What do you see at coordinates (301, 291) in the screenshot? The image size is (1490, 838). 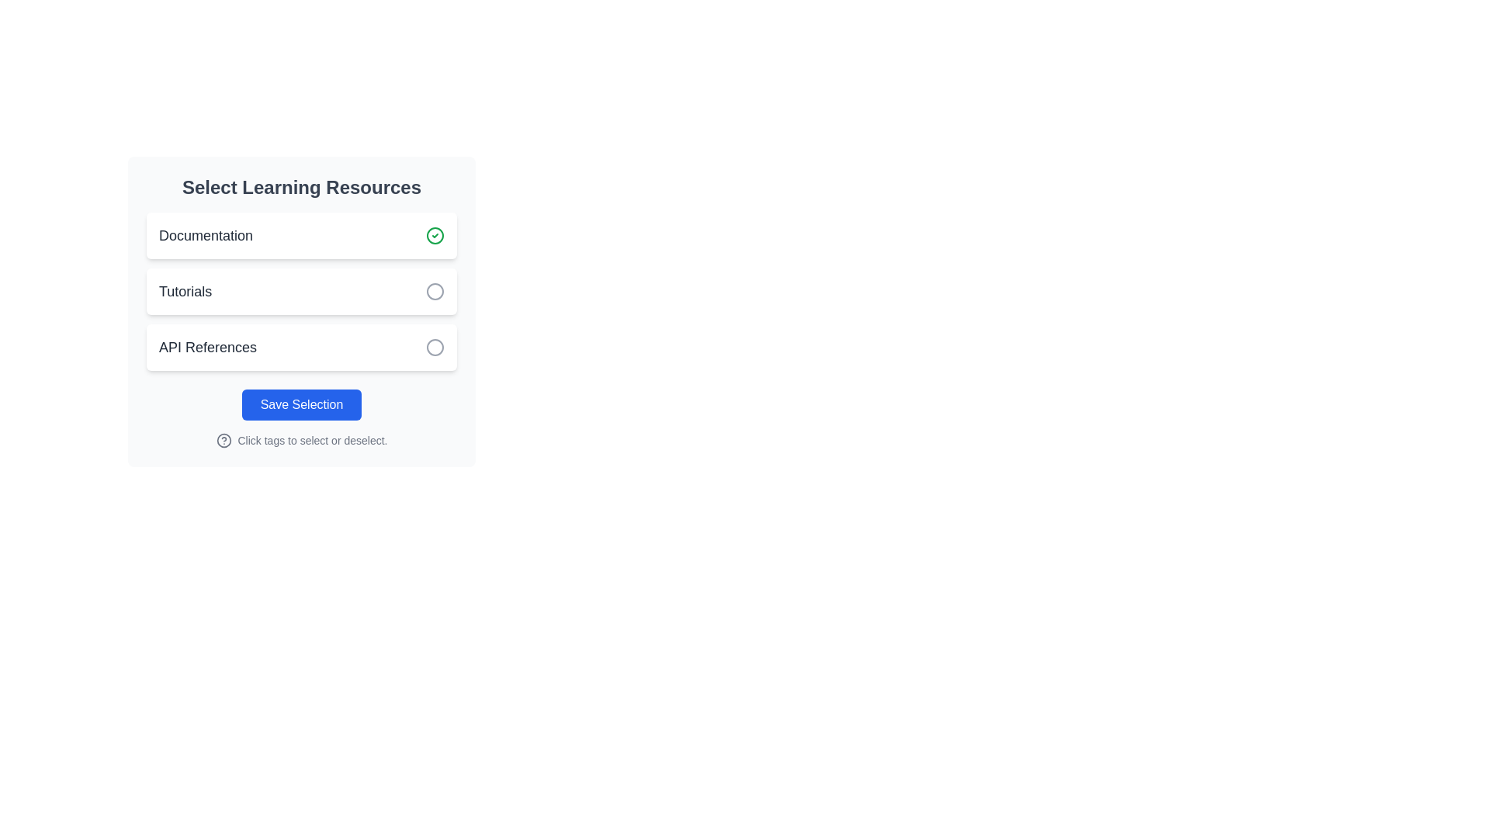 I see `the second selectable item labeled 'Tutorials' in the 'Select Learning Resources' section` at bounding box center [301, 291].